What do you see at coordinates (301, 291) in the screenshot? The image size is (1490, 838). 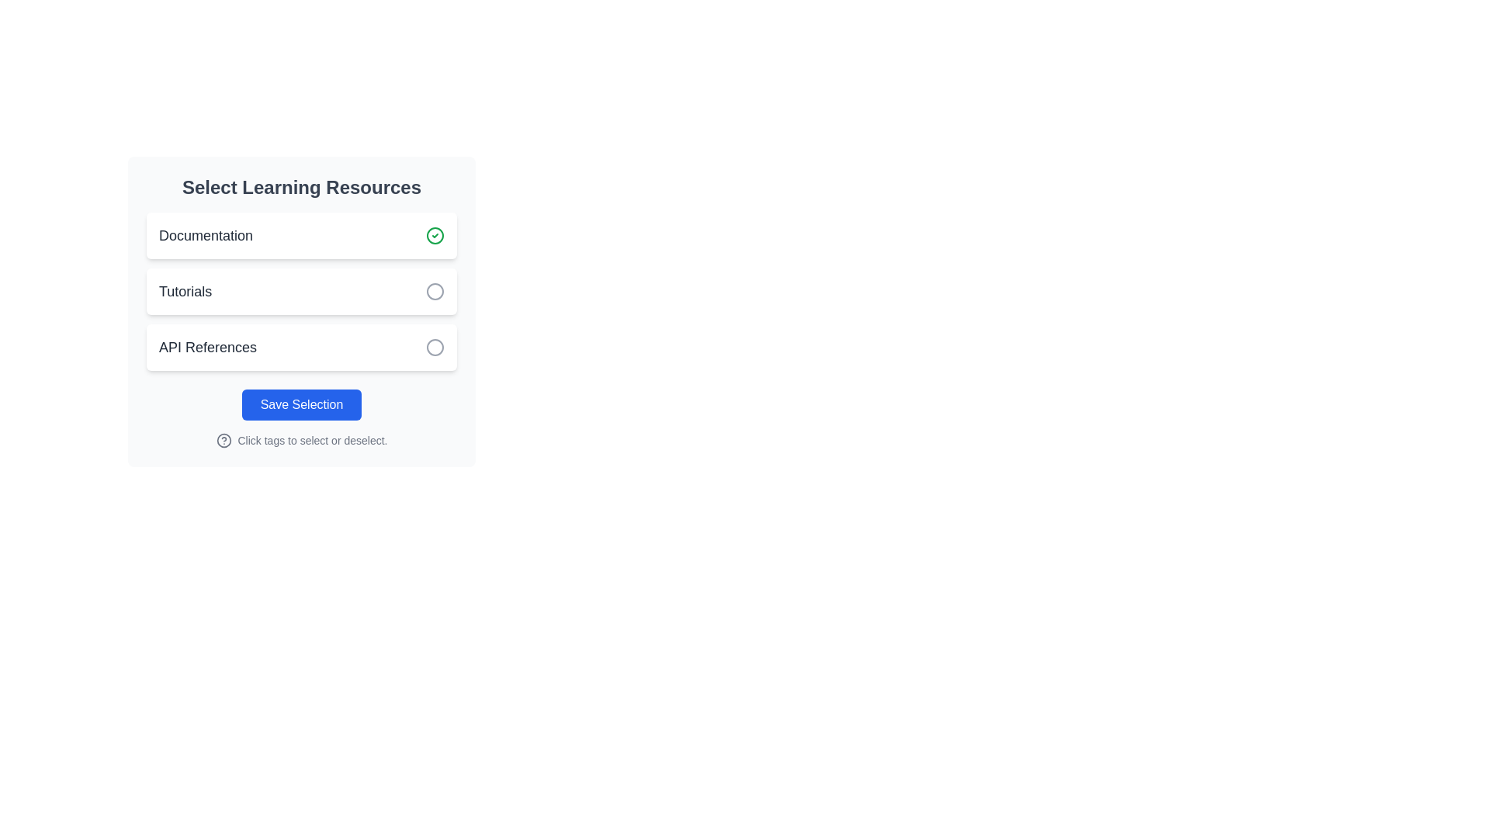 I see `the second selectable item labeled 'Tutorials' in the 'Select Learning Resources' section` at bounding box center [301, 291].